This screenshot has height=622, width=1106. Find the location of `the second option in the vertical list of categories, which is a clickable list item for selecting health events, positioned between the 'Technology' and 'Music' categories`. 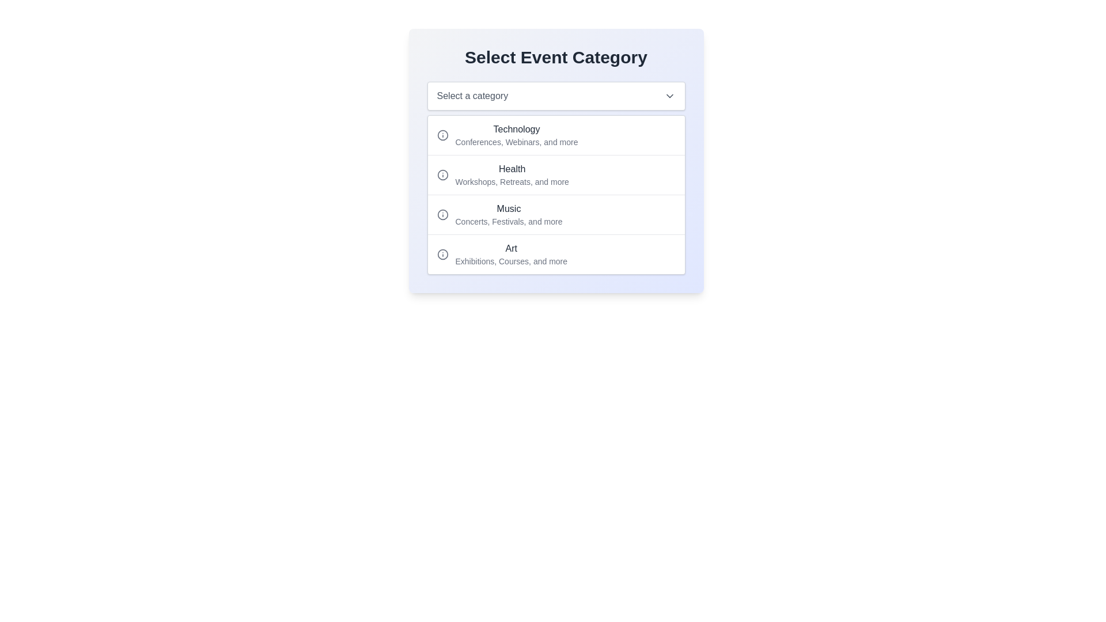

the second option in the vertical list of categories, which is a clickable list item for selecting health events, positioned between the 'Technology' and 'Music' categories is located at coordinates (556, 175).